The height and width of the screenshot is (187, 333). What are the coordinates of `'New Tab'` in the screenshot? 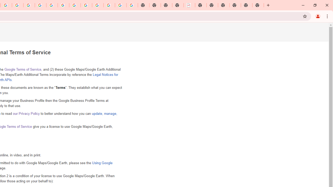 It's located at (224, 5).